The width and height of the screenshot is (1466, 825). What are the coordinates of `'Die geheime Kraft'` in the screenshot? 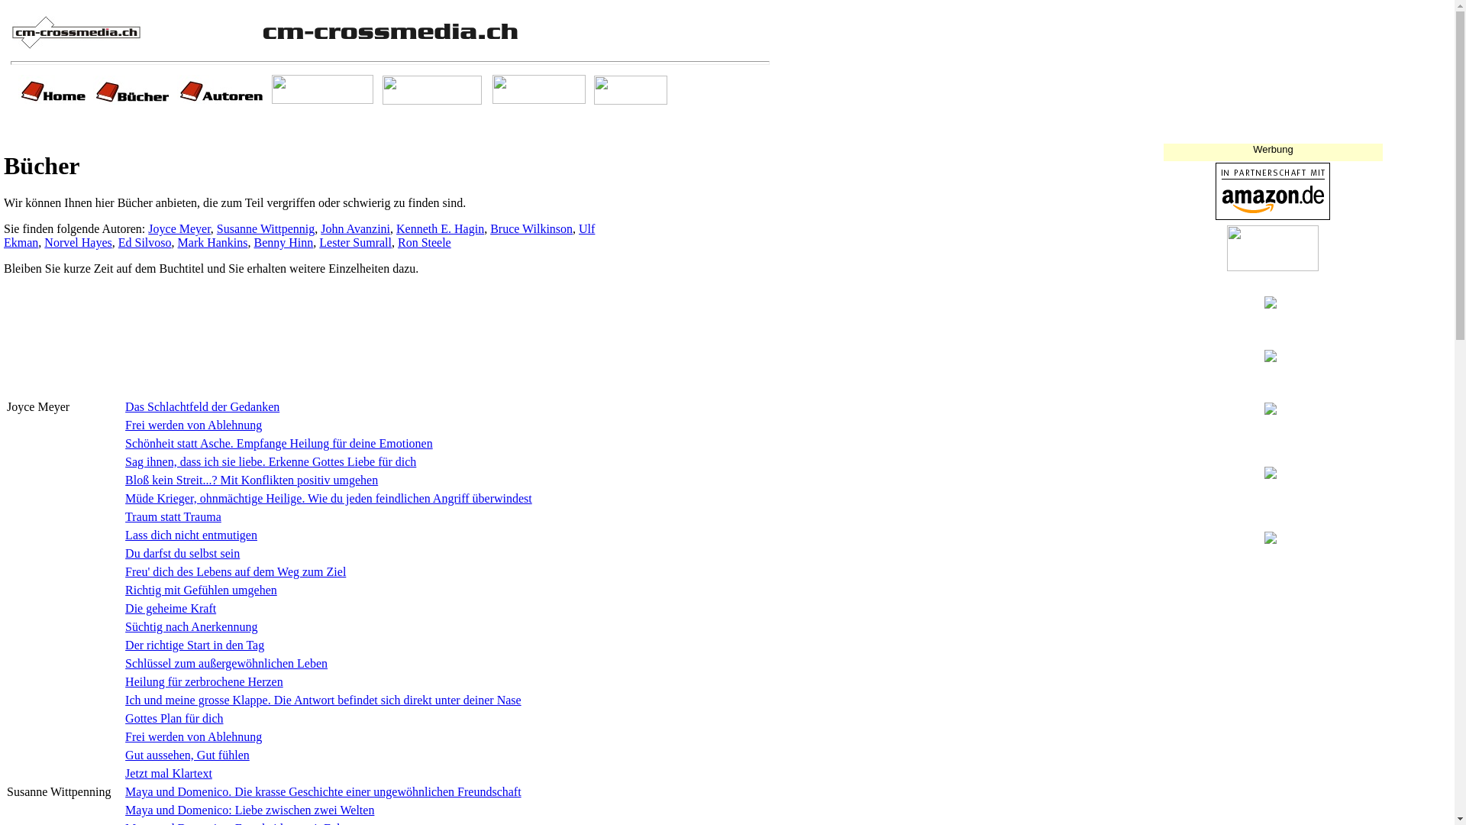 It's located at (170, 607).